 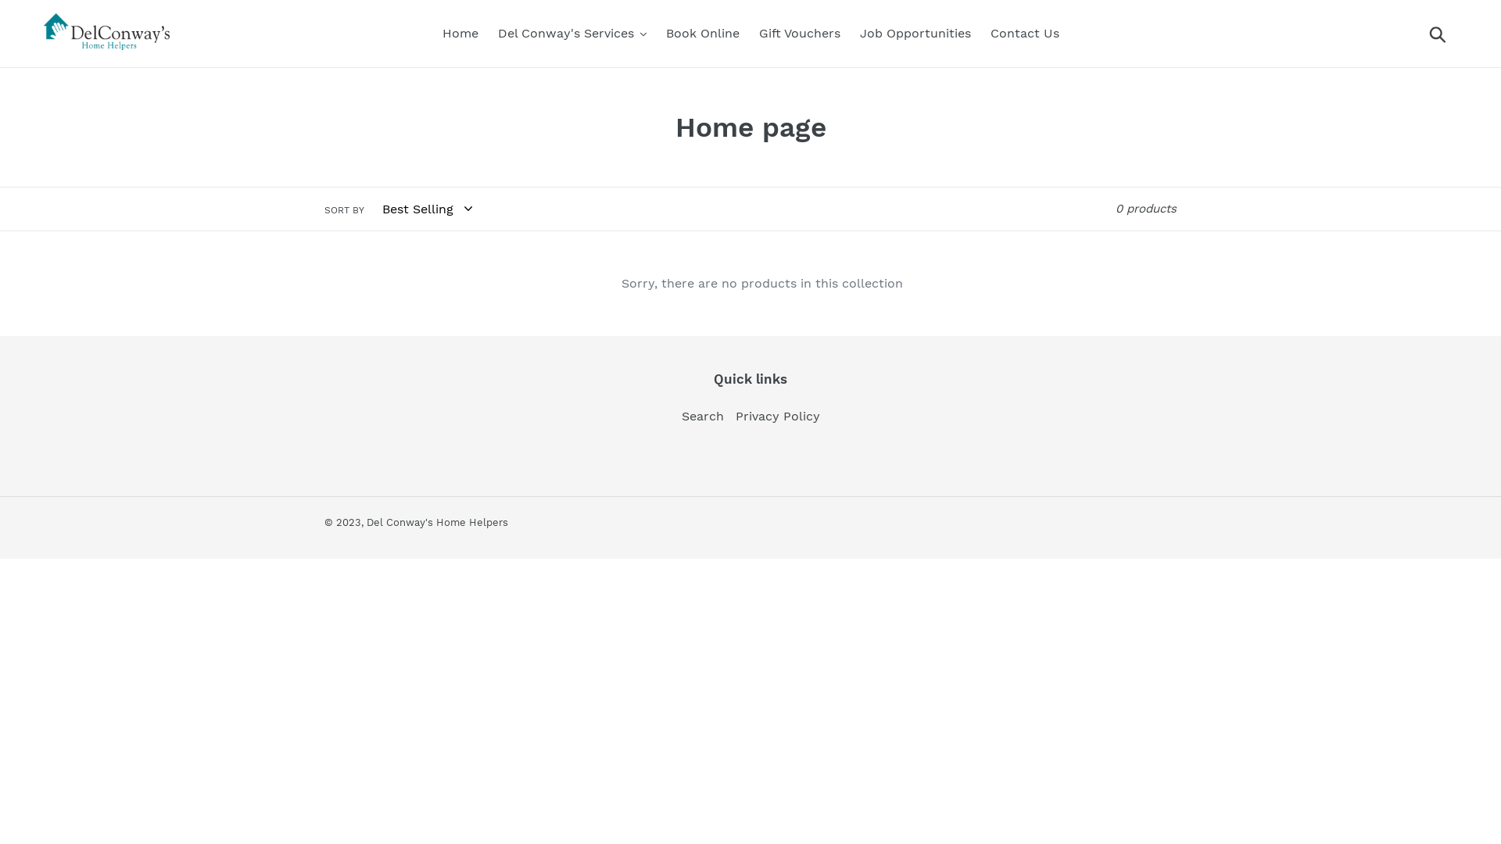 What do you see at coordinates (460, 33) in the screenshot?
I see `'Home'` at bounding box center [460, 33].